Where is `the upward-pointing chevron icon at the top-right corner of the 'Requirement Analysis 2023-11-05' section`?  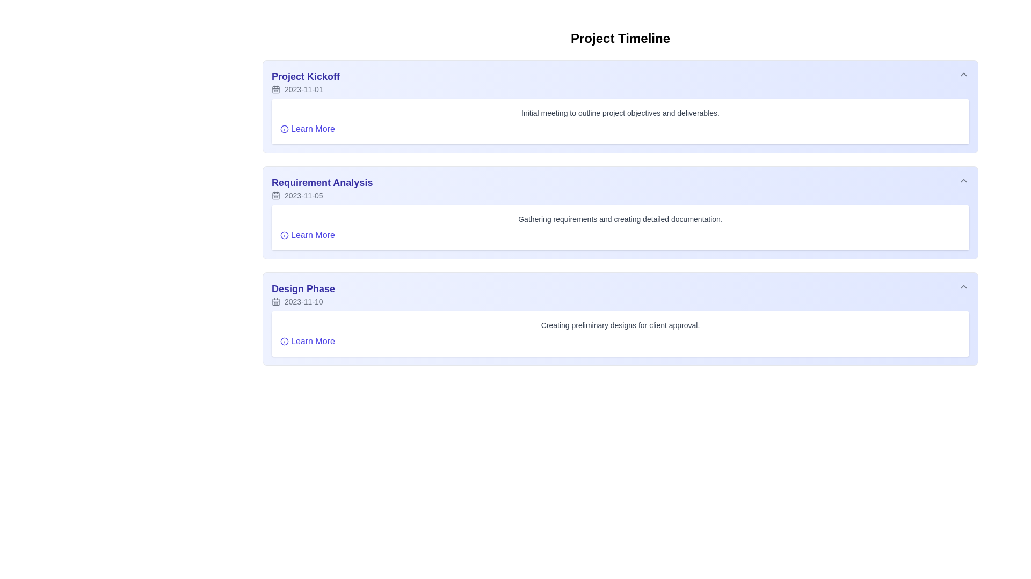
the upward-pointing chevron icon at the top-right corner of the 'Requirement Analysis 2023-11-05' section is located at coordinates (964, 180).